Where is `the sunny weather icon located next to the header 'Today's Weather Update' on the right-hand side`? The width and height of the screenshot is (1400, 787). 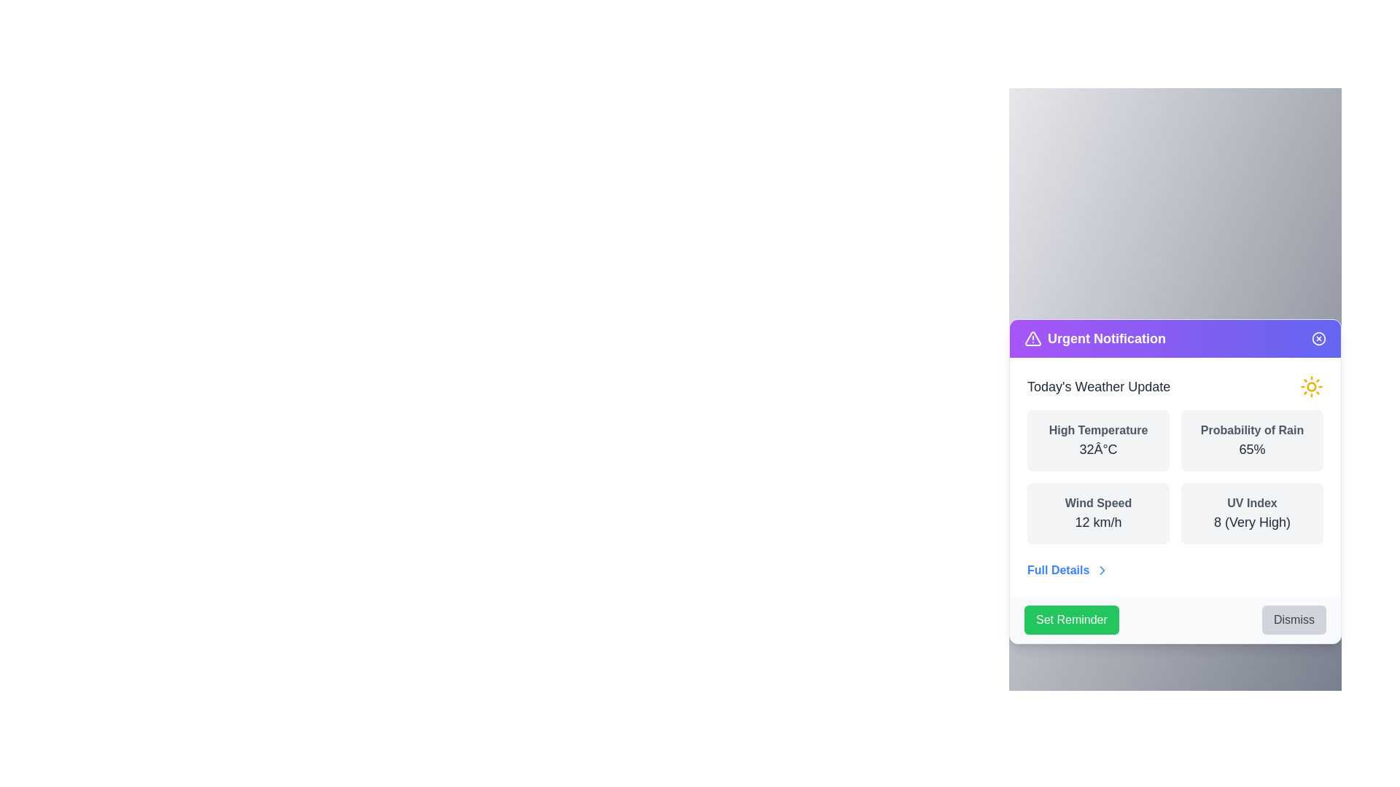 the sunny weather icon located next to the header 'Today's Weather Update' on the right-hand side is located at coordinates (1312, 386).